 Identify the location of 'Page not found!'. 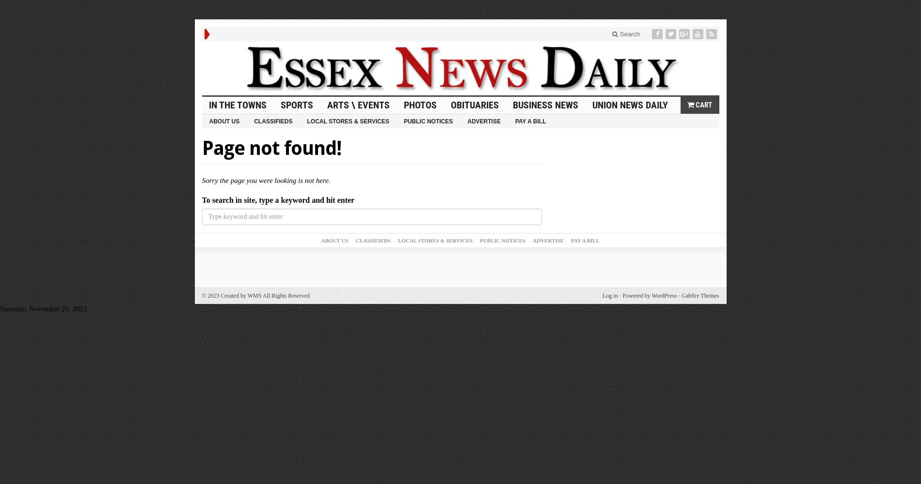
(201, 148).